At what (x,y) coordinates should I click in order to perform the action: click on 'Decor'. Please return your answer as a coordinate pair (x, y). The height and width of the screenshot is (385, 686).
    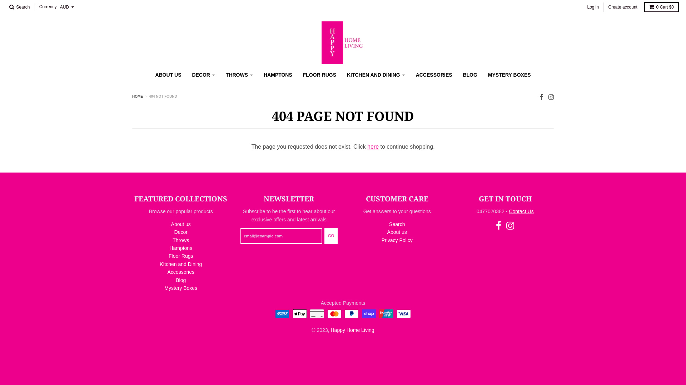
    Looking at the image, I should click on (174, 232).